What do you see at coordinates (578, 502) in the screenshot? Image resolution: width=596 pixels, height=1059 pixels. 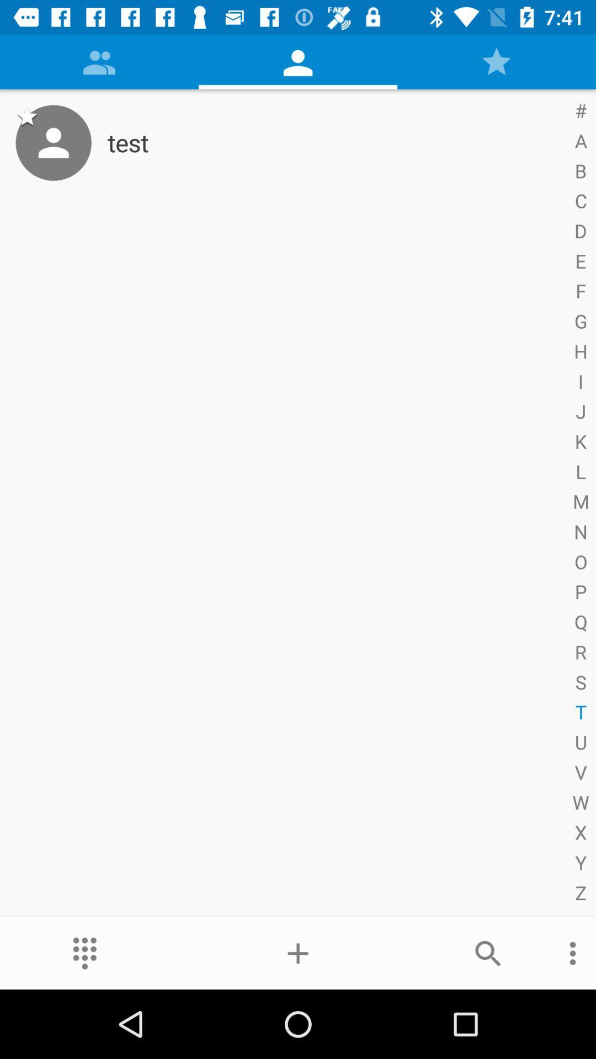 I see `item on the right` at bounding box center [578, 502].